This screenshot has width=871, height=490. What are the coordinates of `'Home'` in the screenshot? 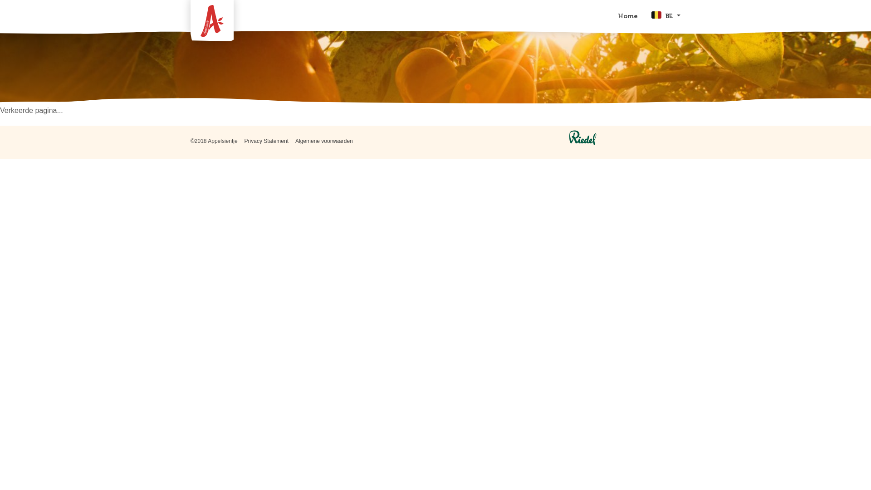 It's located at (618, 16).